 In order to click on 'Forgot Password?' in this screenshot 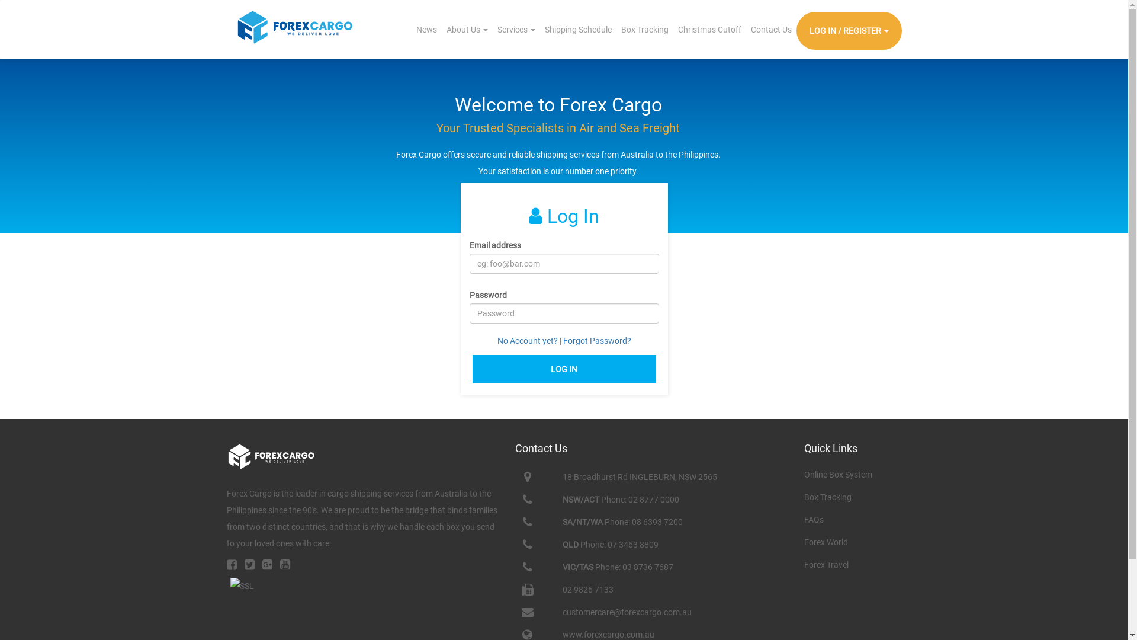, I will do `click(596, 340)`.